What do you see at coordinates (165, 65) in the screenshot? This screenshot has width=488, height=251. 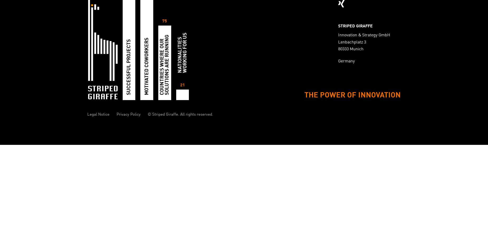 I see `'solutions are running'` at bounding box center [165, 65].